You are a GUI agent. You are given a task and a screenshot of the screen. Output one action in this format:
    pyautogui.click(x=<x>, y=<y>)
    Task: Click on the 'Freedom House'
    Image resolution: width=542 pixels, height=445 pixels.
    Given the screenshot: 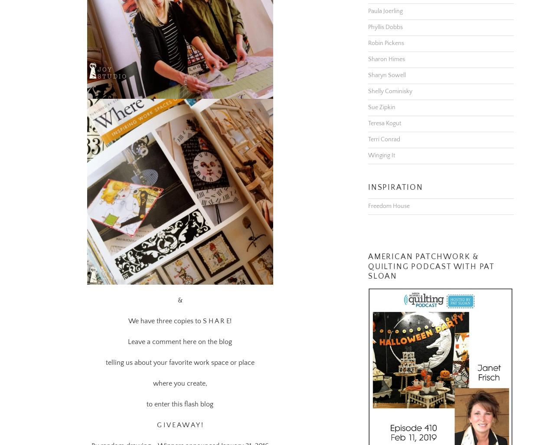 What is the action you would take?
    pyautogui.click(x=389, y=195)
    